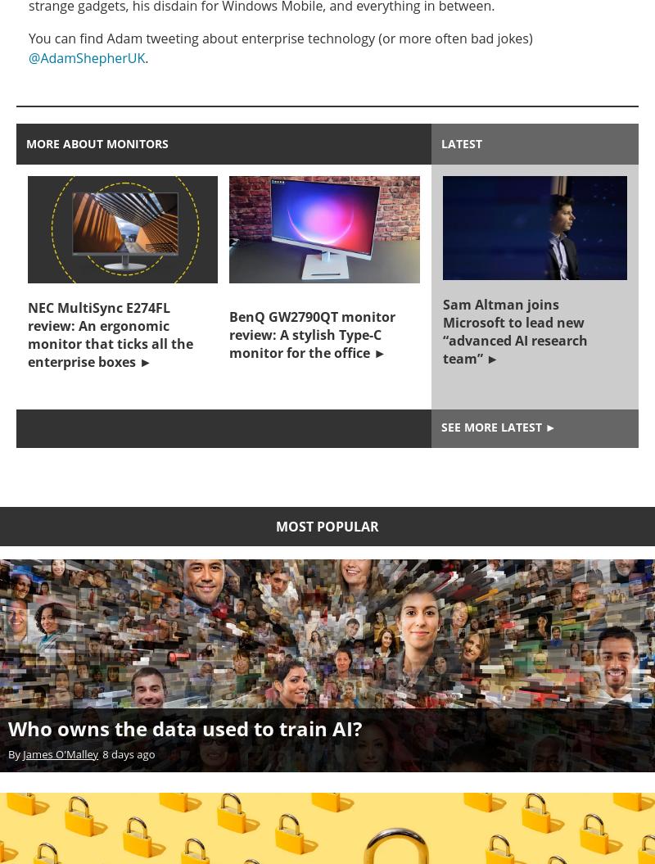 Image resolution: width=655 pixels, height=864 pixels. I want to click on '.', so click(146, 57).